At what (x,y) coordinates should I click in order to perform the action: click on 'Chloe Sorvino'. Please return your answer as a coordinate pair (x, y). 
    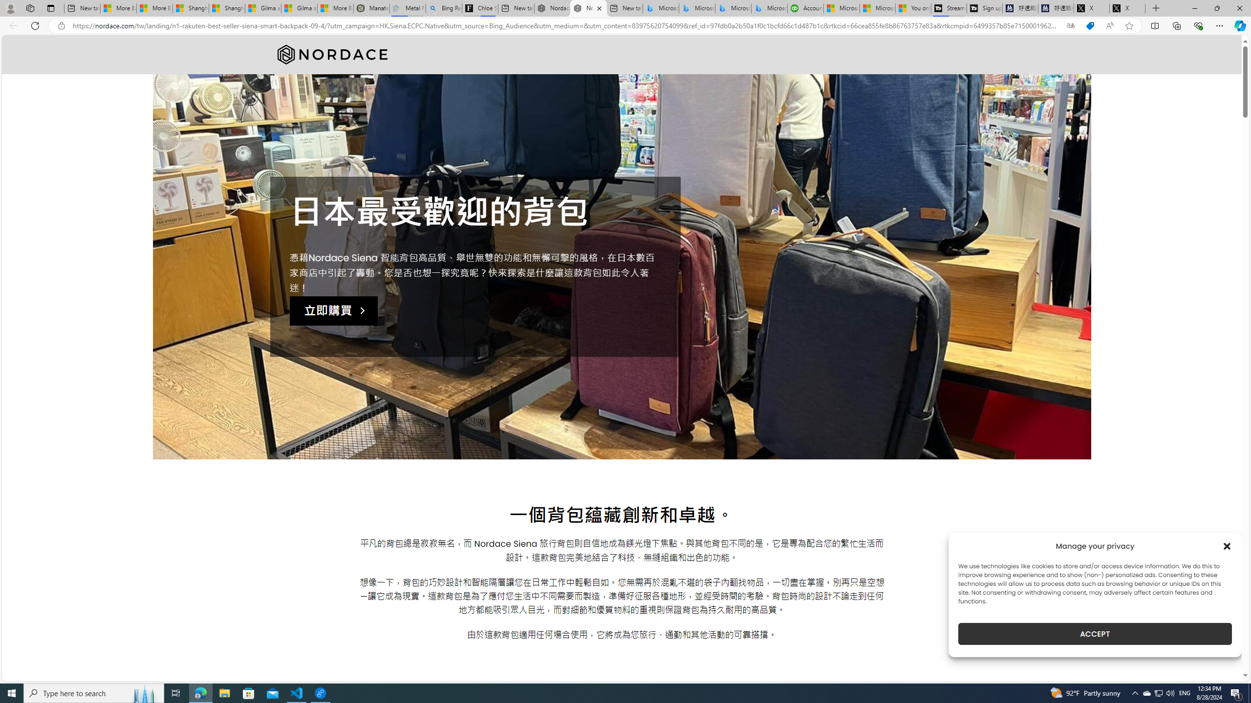
    Looking at the image, I should click on (480, 8).